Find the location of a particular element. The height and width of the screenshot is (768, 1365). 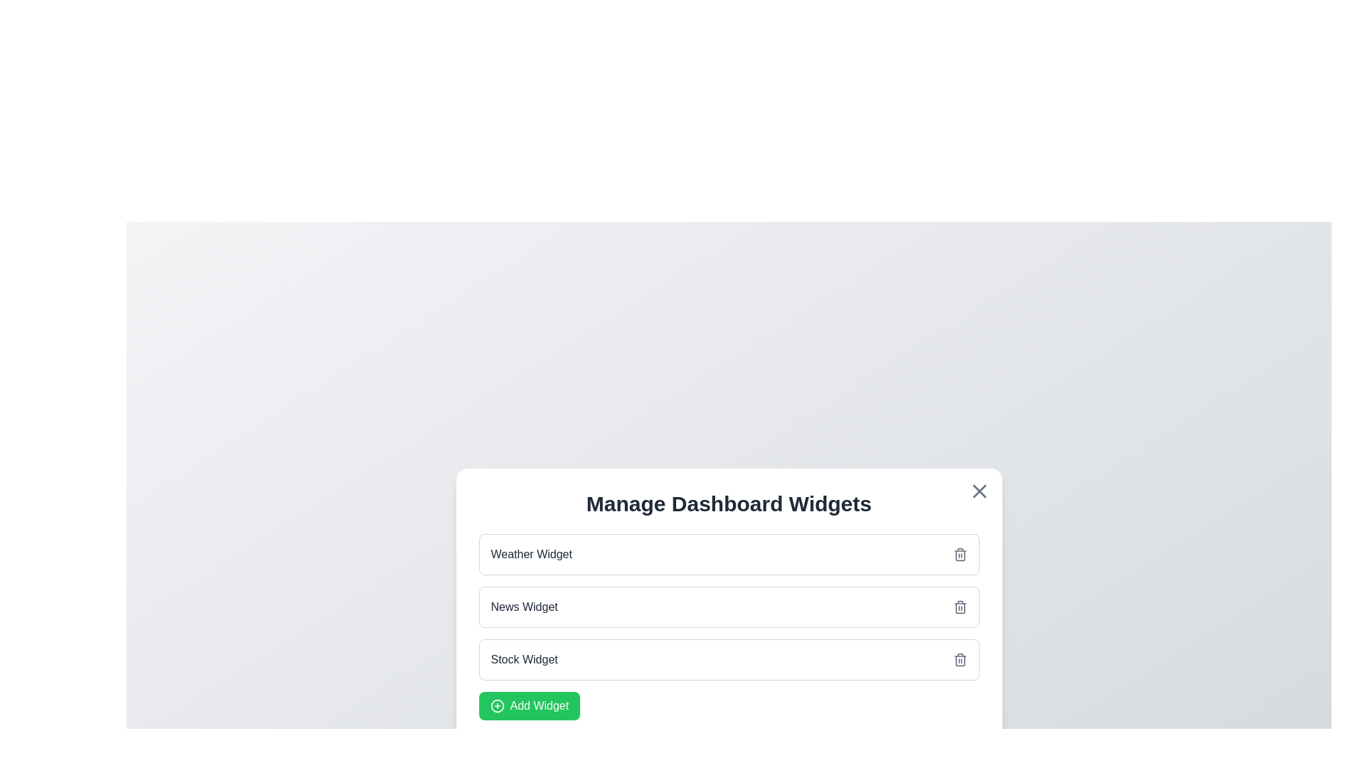

the delete button for the widget named Stock Widget is located at coordinates (960, 660).